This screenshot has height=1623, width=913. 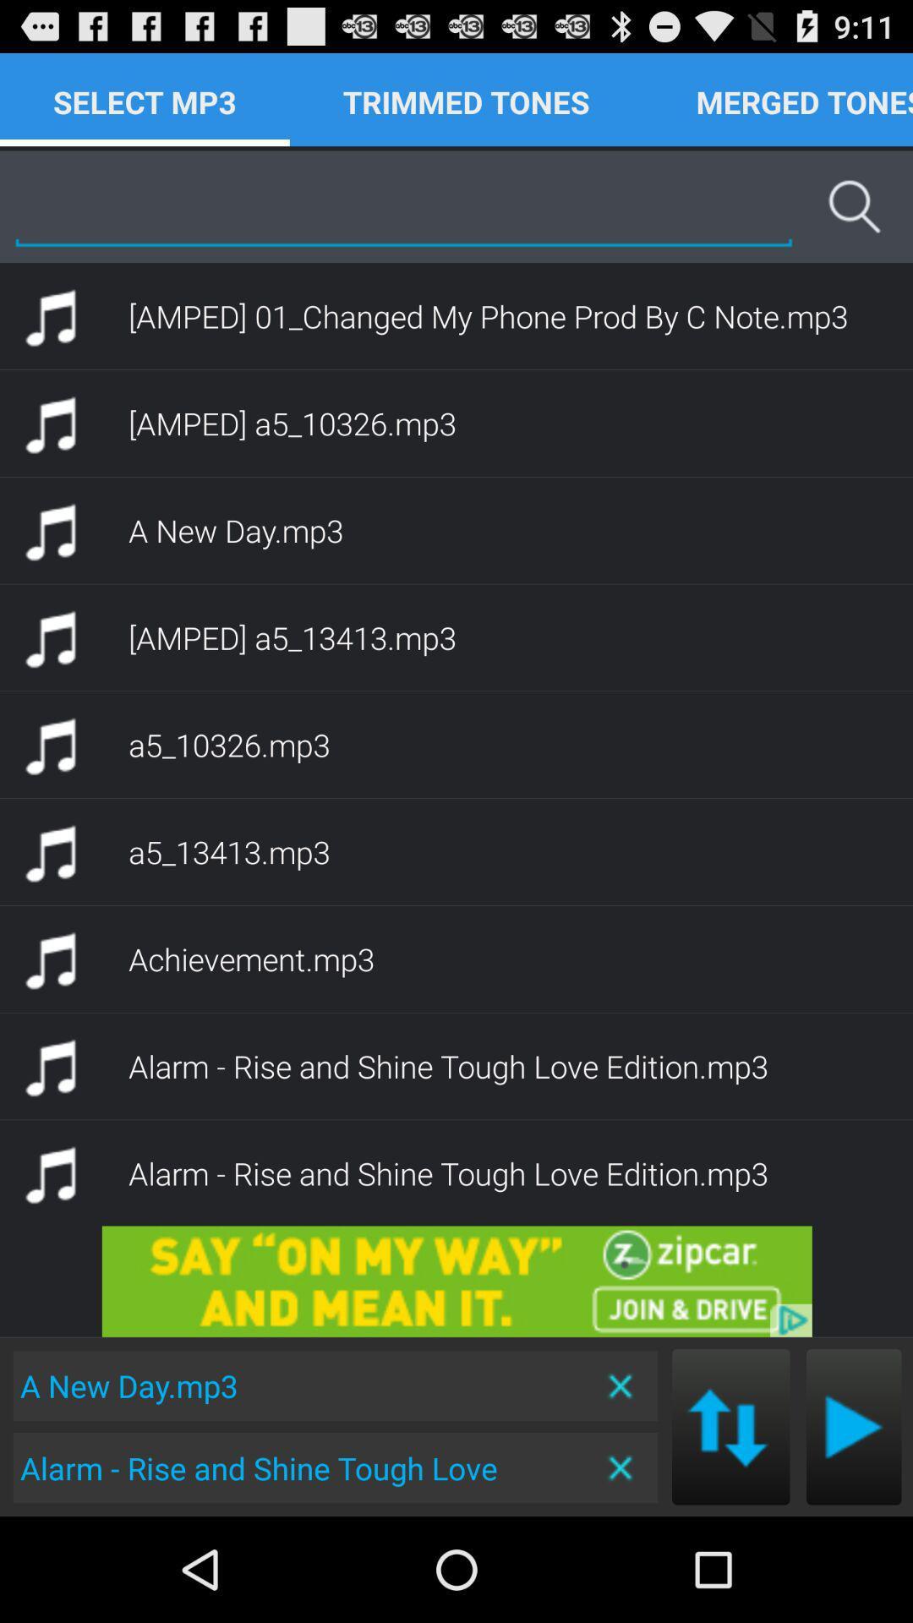 I want to click on song, so click(x=854, y=1426).